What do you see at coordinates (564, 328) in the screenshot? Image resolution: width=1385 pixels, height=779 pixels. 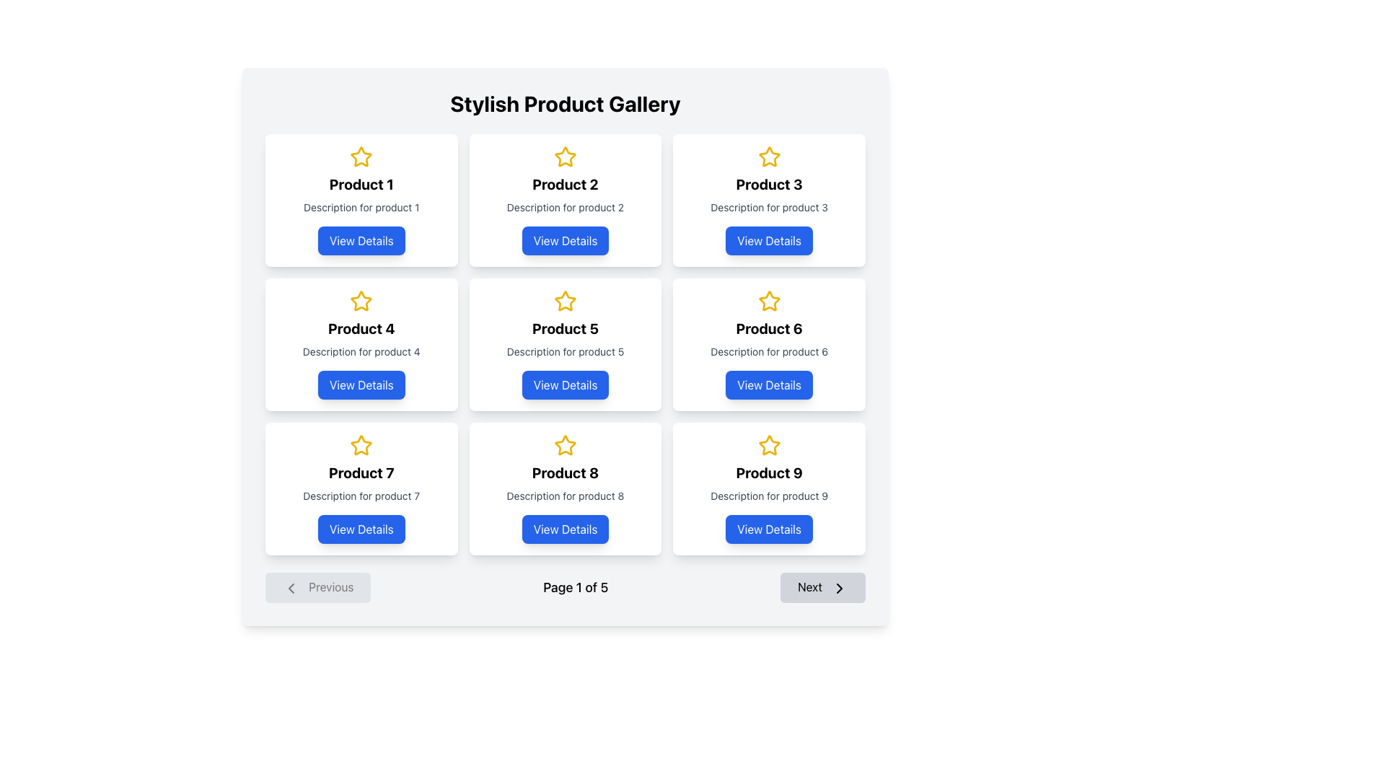 I see `product label located centrally within the second row's middle card in the product gallery interface for identification` at bounding box center [564, 328].